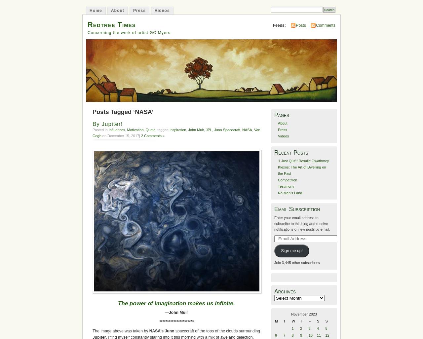  Describe the element at coordinates (303, 314) in the screenshot. I see `'November 2023'` at that location.